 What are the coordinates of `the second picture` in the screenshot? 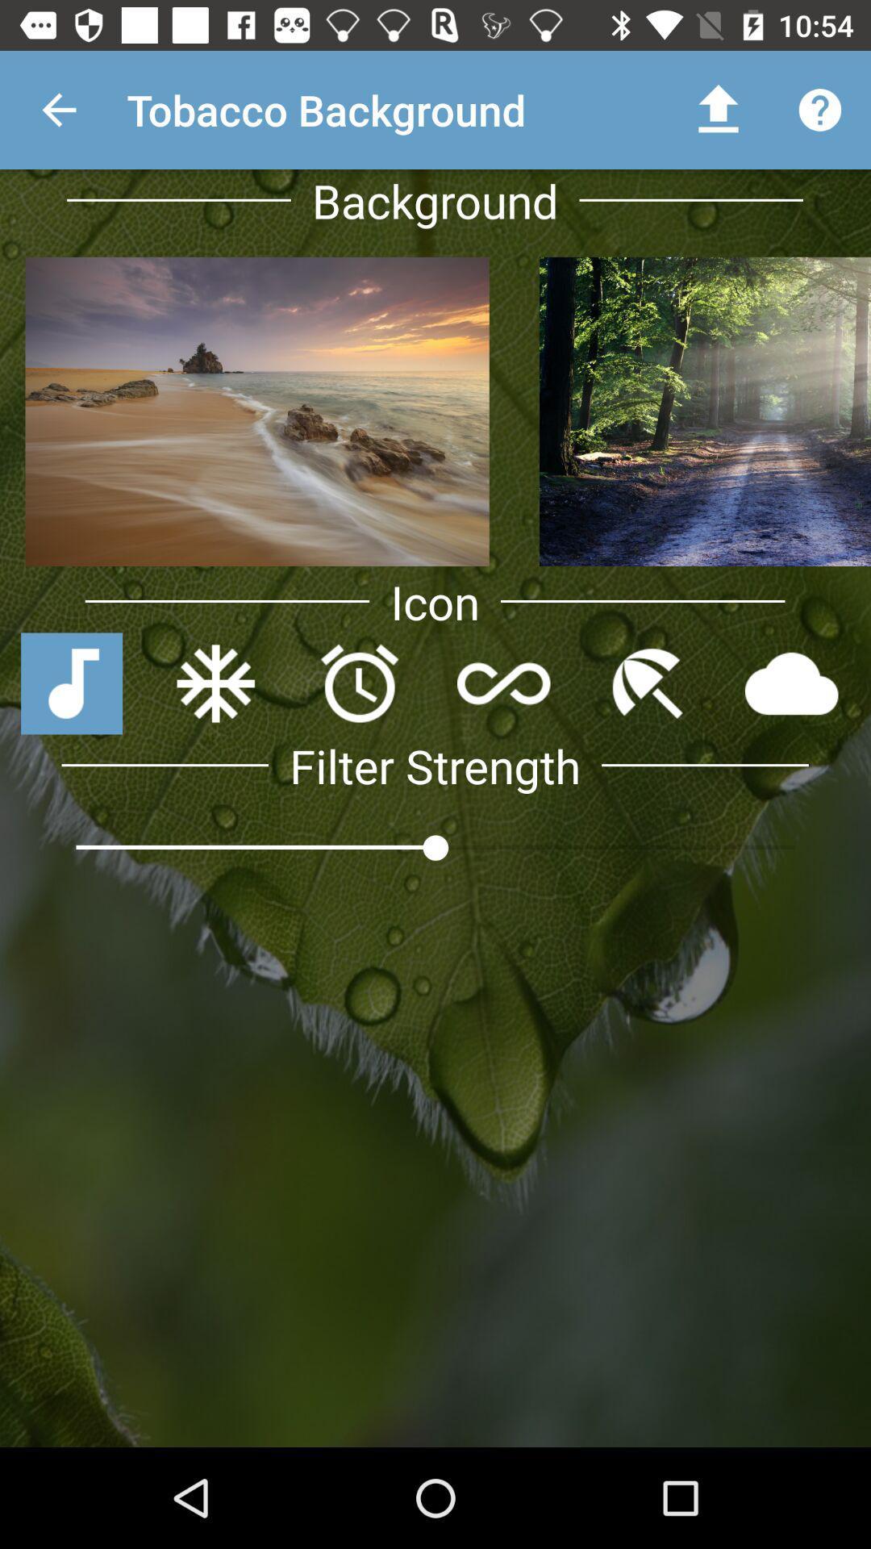 It's located at (702, 411).